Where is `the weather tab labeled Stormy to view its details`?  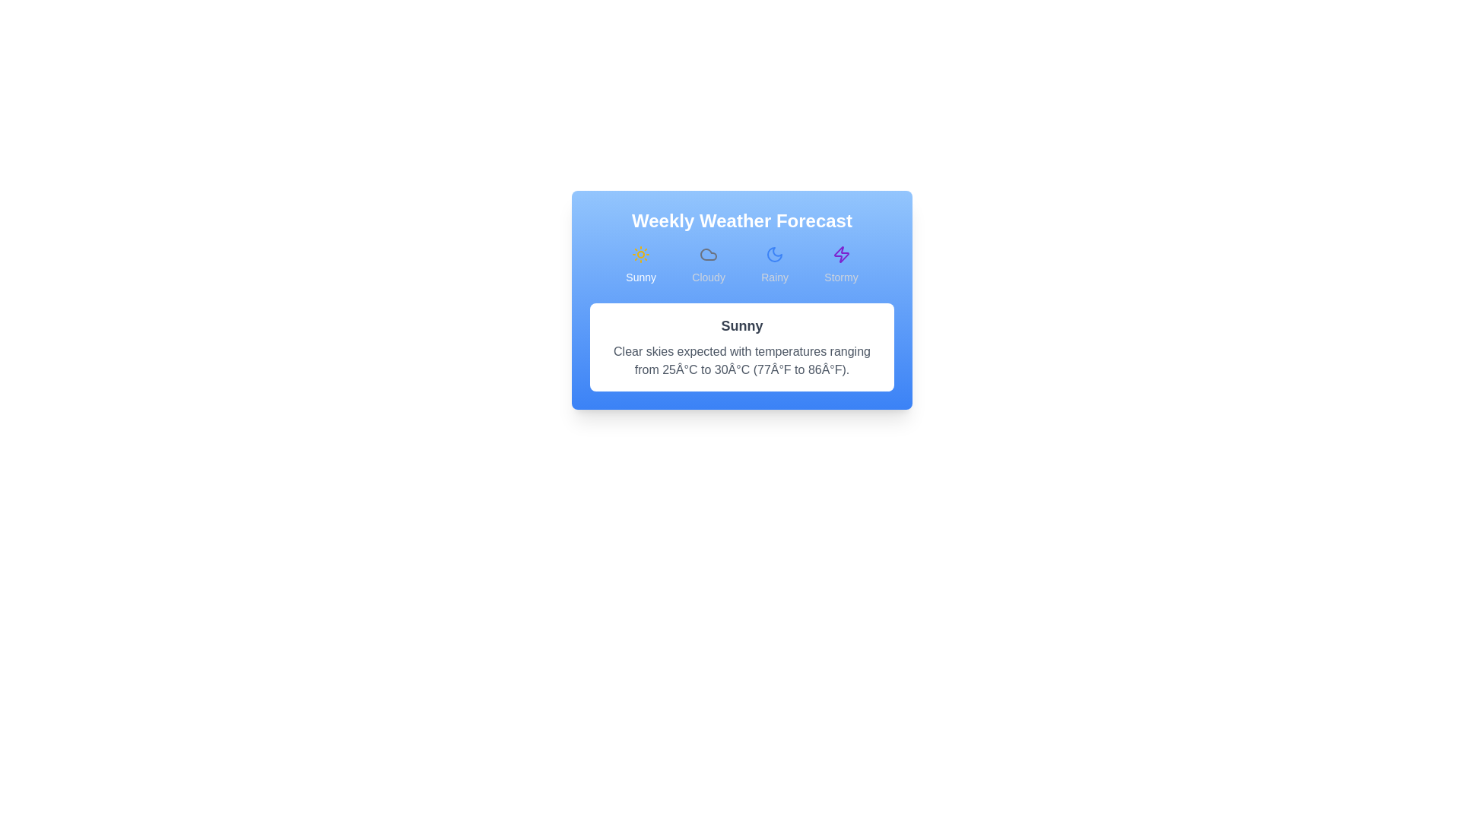 the weather tab labeled Stormy to view its details is located at coordinates (839, 264).